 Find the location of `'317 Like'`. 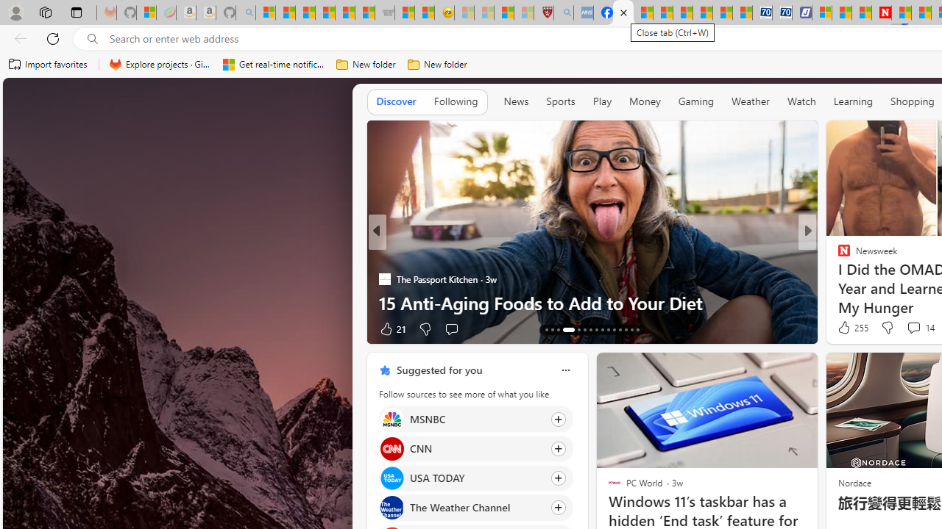

'317 Like' is located at coordinates (848, 328).